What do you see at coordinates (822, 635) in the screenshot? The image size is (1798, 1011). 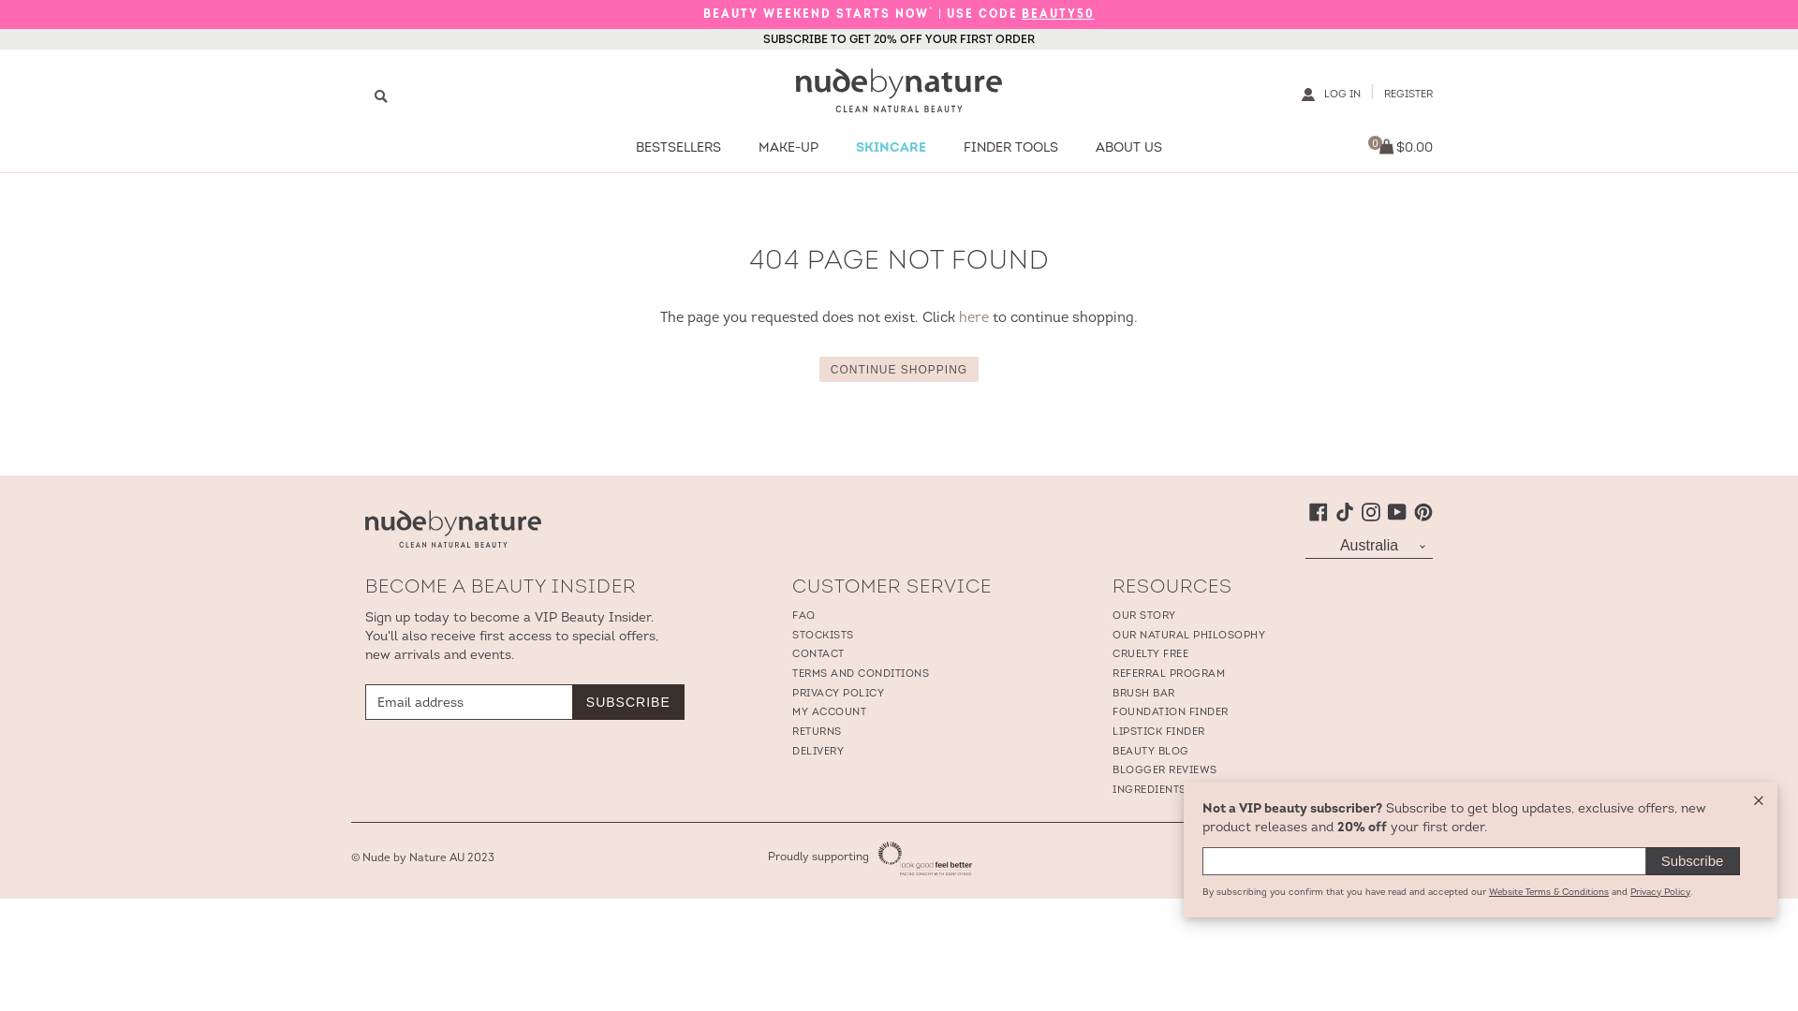 I see `'STOCKISTS'` at bounding box center [822, 635].